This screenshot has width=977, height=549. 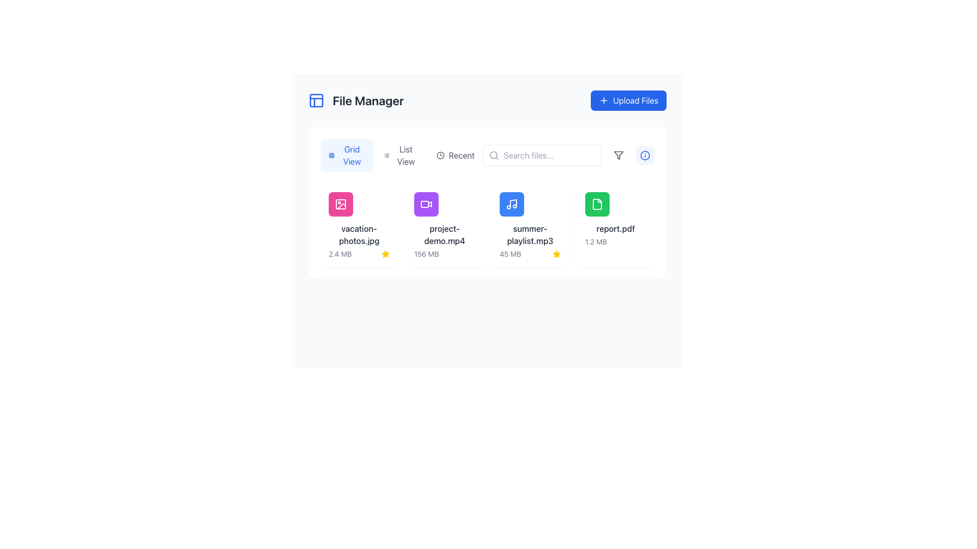 I want to click on the music file icon representing 'summer-playlist.mp3' in the file manager, so click(x=512, y=204).